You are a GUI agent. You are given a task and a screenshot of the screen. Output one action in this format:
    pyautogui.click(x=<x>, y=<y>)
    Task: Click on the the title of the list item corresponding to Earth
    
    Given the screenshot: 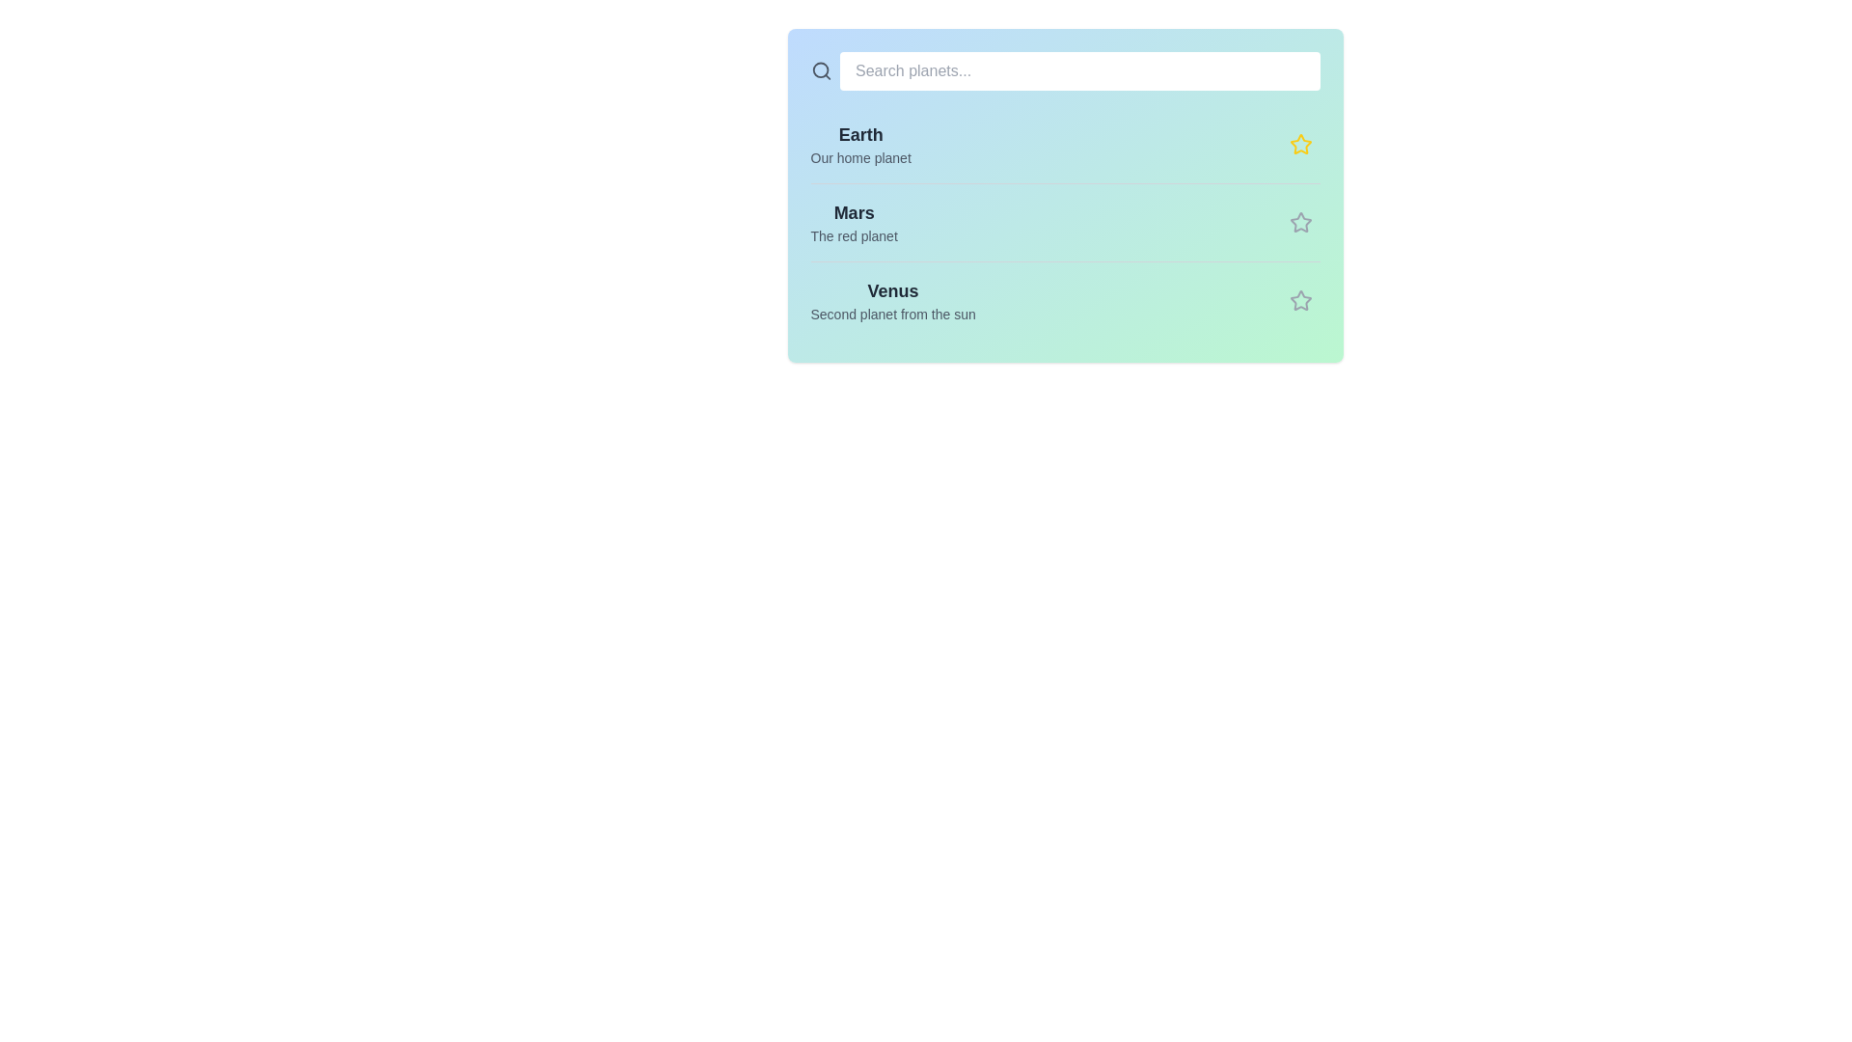 What is the action you would take?
    pyautogui.click(x=859, y=133)
    